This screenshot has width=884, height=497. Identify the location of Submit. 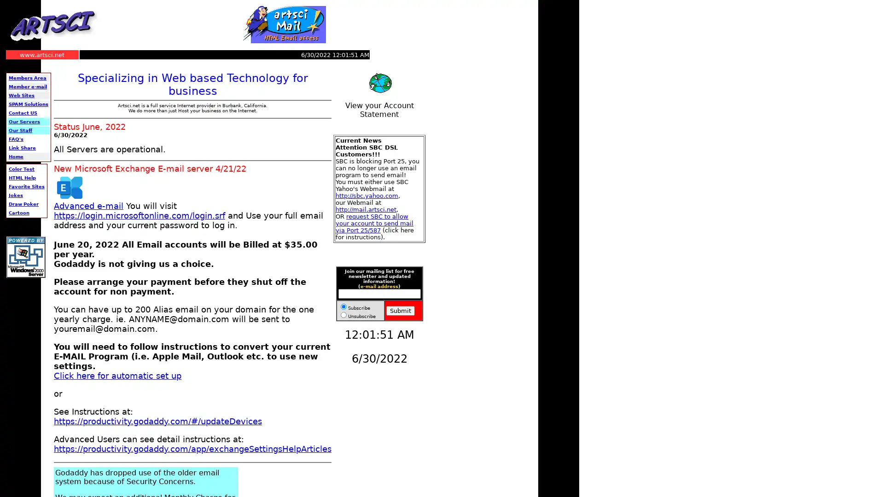
(400, 310).